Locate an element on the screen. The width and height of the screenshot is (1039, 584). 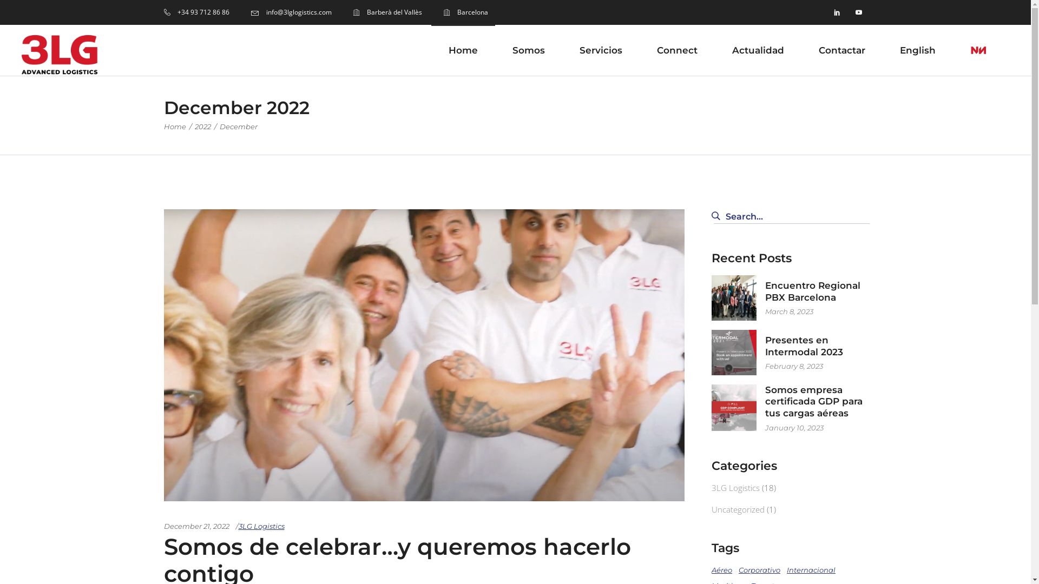
'Corporativo' is located at coordinates (738, 569).